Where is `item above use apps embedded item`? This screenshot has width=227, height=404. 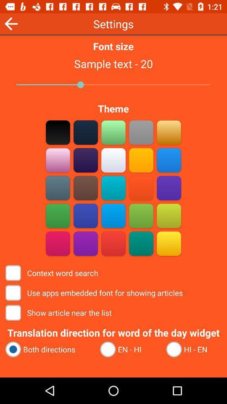
item above use apps embedded item is located at coordinates (53, 272).